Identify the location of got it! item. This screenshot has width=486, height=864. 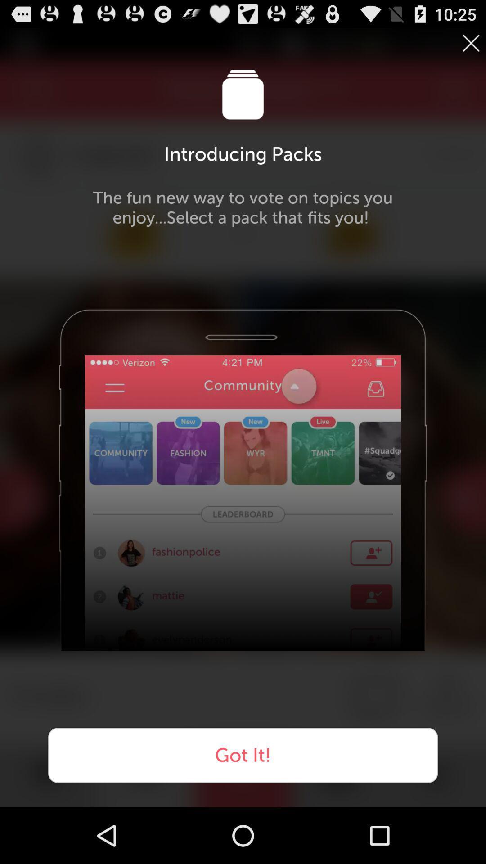
(243, 755).